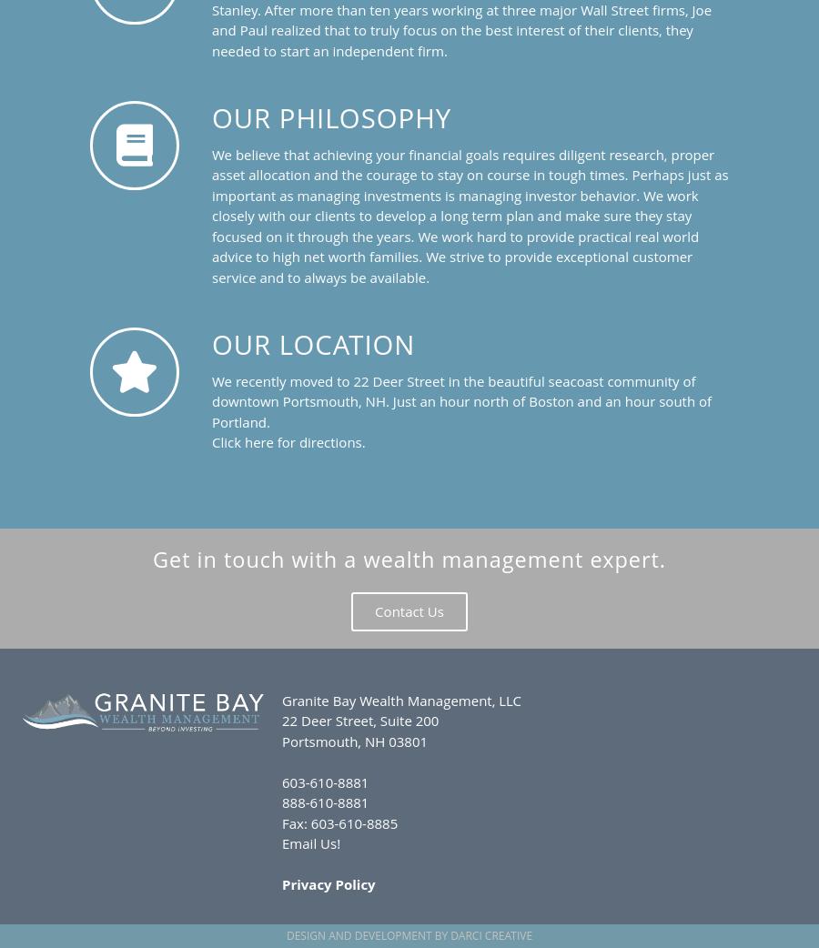  What do you see at coordinates (328, 883) in the screenshot?
I see `'Privacy Policy'` at bounding box center [328, 883].